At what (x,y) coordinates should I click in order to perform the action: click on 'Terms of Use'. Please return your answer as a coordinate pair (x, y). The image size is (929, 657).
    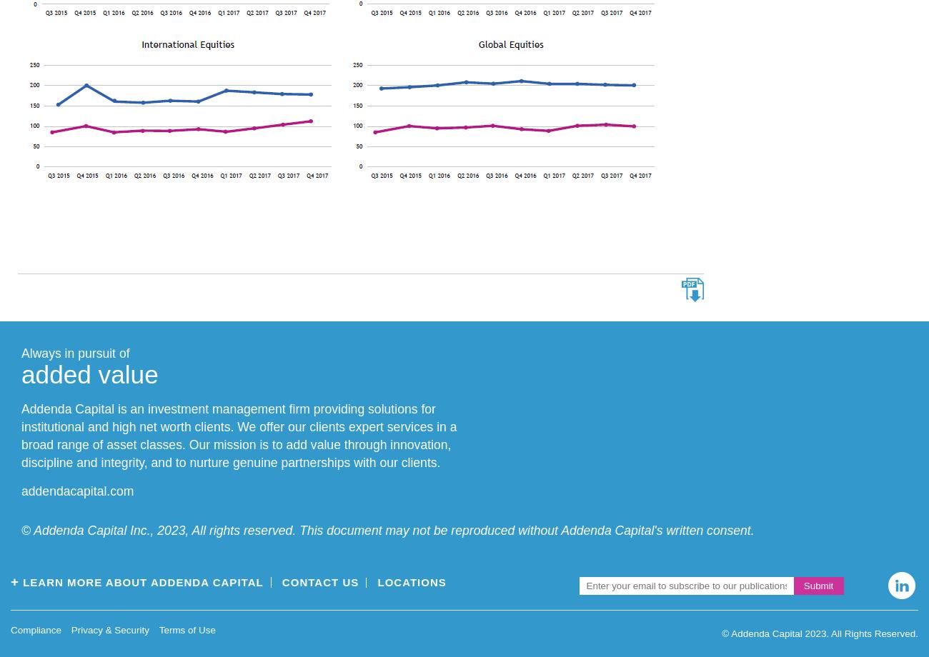
    Looking at the image, I should click on (186, 629).